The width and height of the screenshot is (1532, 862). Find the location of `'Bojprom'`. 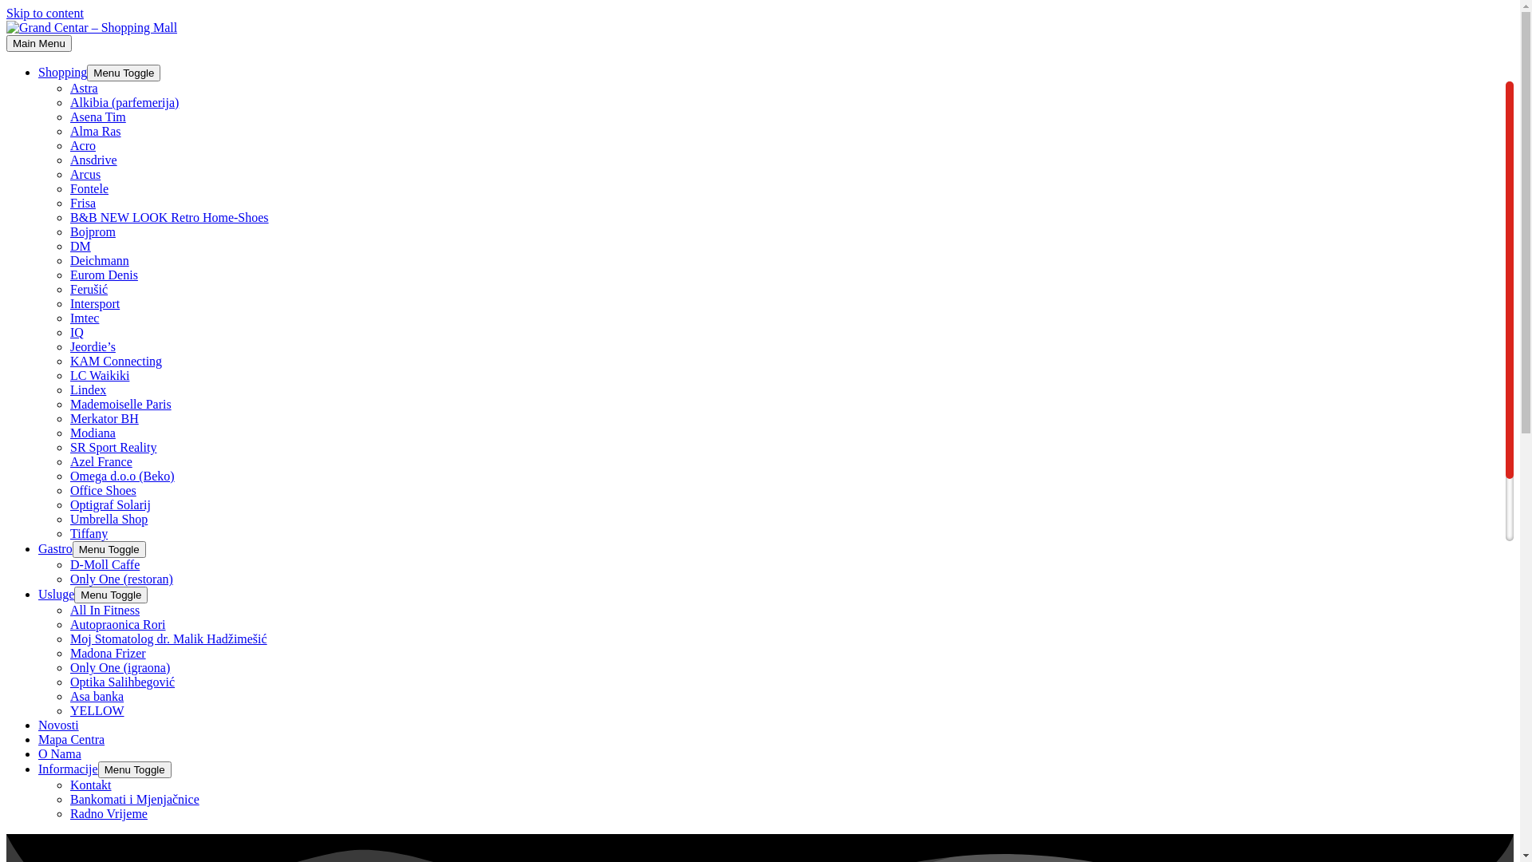

'Bojprom' is located at coordinates (92, 231).